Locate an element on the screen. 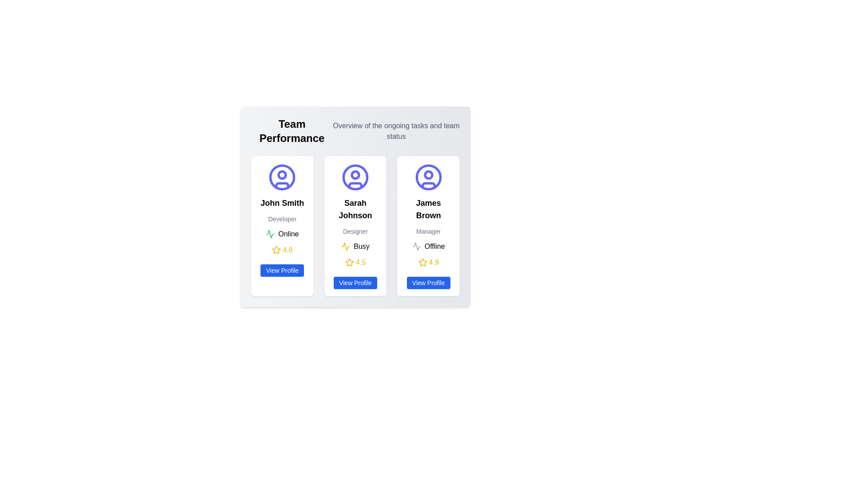 The width and height of the screenshot is (852, 479). the 'Busy' text label located in the middle card of the user profiles row, indicating interactivity is enabled is located at coordinates (362, 246).